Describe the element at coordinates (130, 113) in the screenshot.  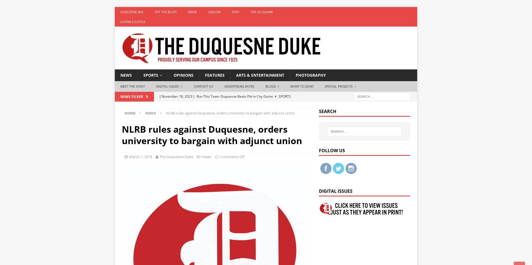
I see `'Home'` at that location.